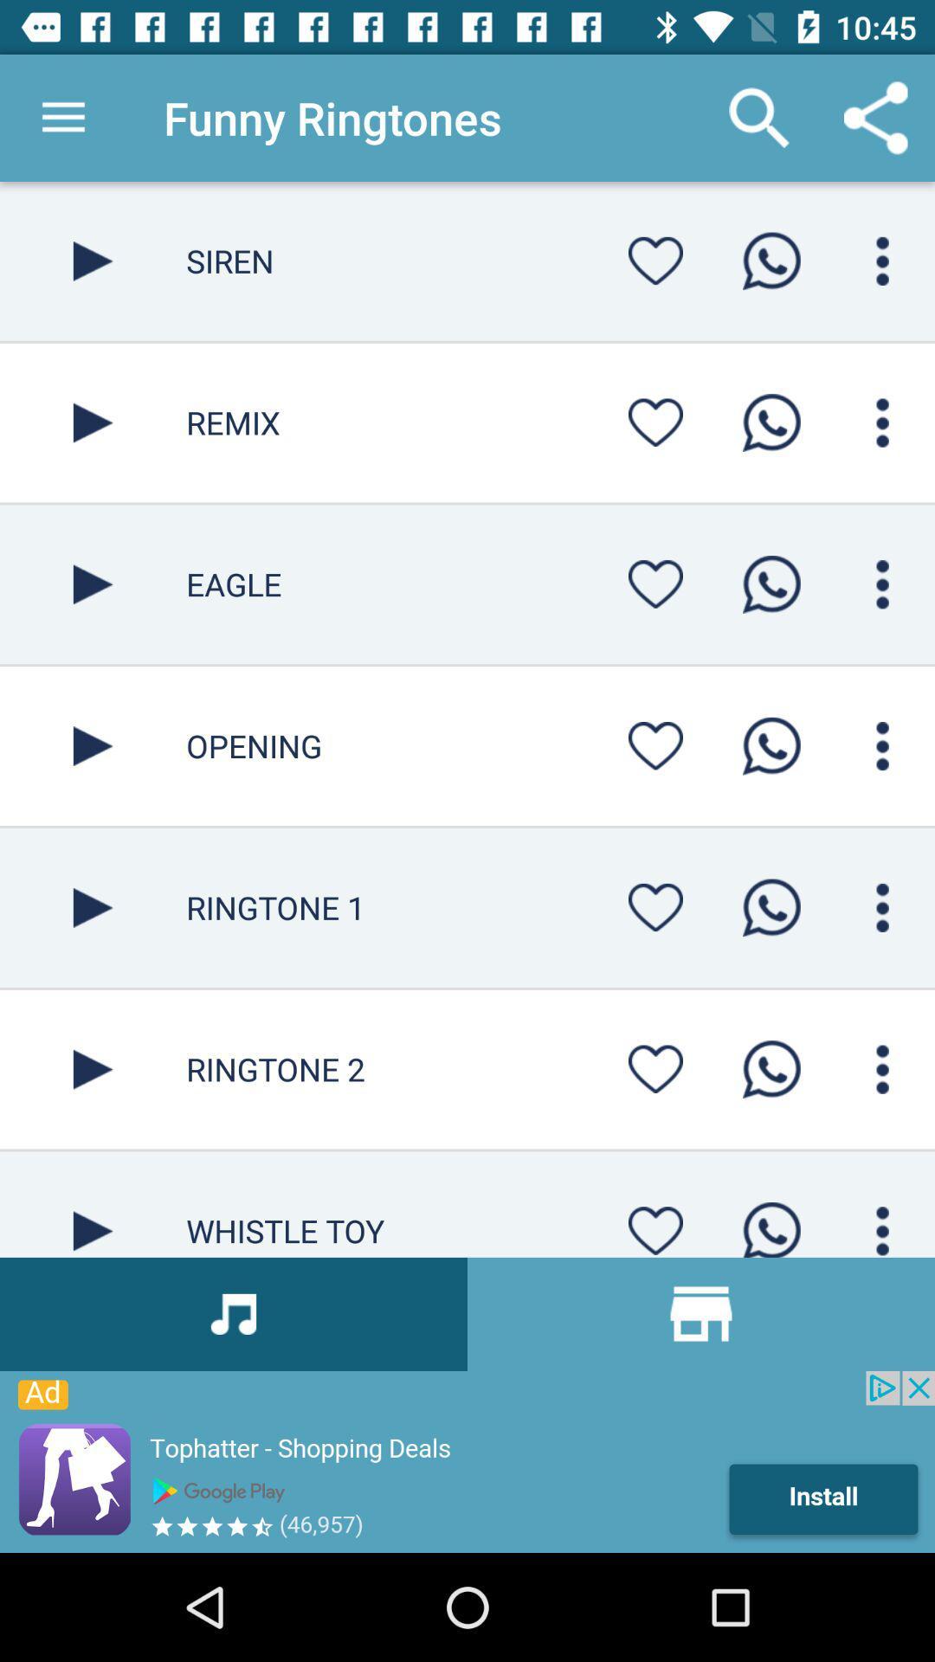  Describe the element at coordinates (655, 584) in the screenshot. I see `set as favorite` at that location.